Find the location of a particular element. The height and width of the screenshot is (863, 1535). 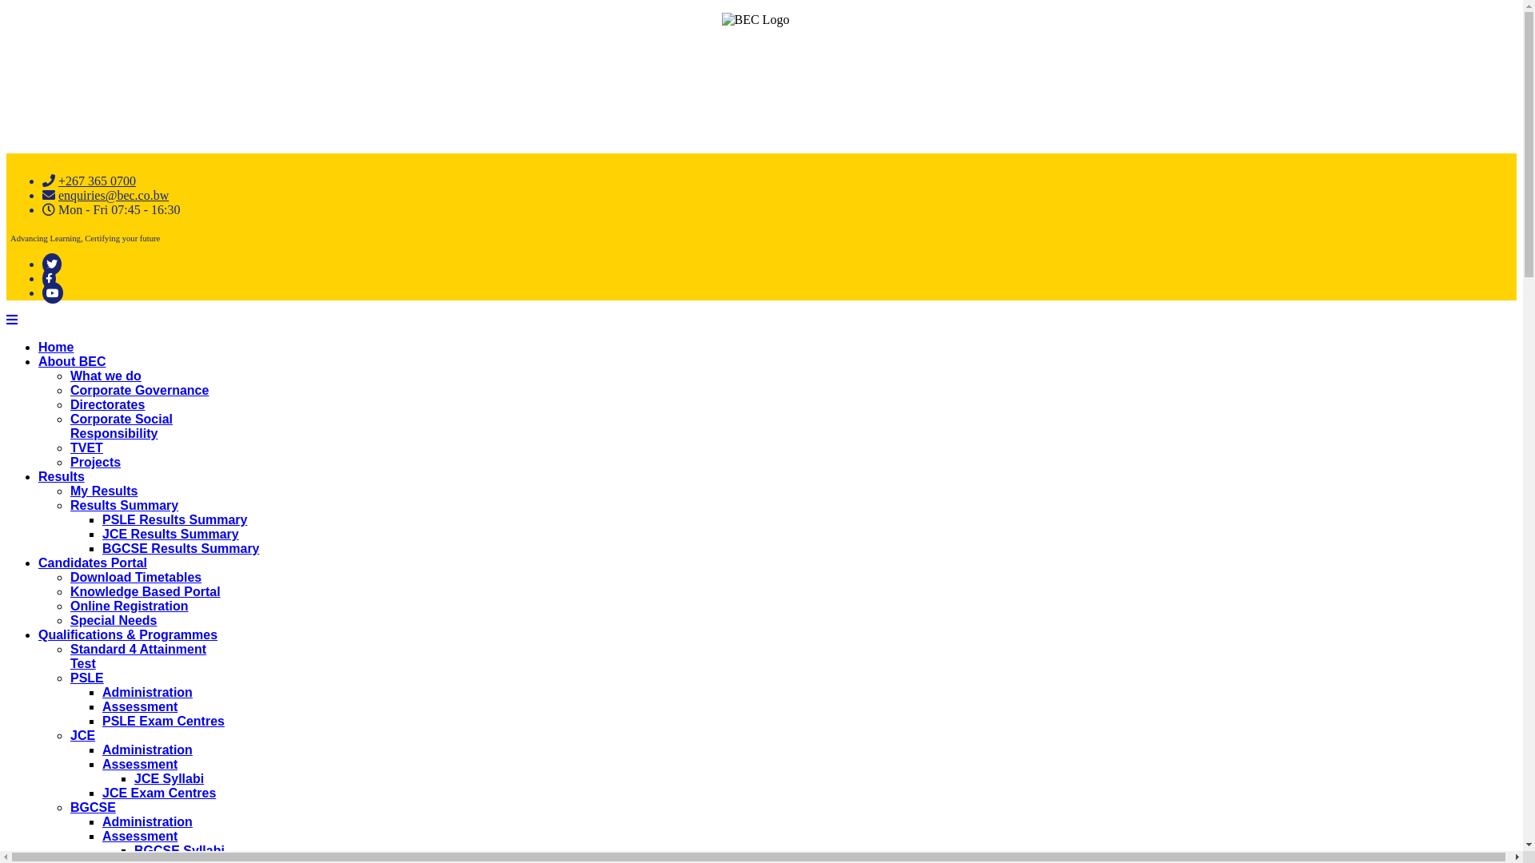

'Qualifications & Programmes' is located at coordinates (126, 634).